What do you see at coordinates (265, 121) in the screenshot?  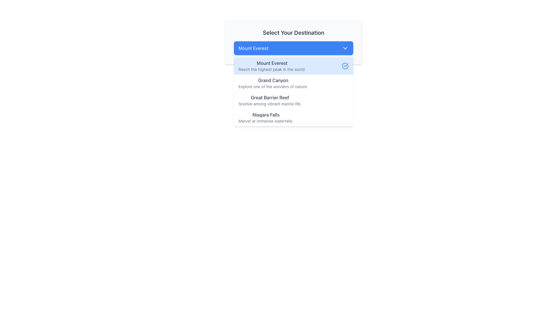 I see `the static descriptive text that reads 'Marvel at immense waterfalls.' positioned below the heading 'Niagara Falls' in the dropdown list under 'Select Your Destination.'` at bounding box center [265, 121].